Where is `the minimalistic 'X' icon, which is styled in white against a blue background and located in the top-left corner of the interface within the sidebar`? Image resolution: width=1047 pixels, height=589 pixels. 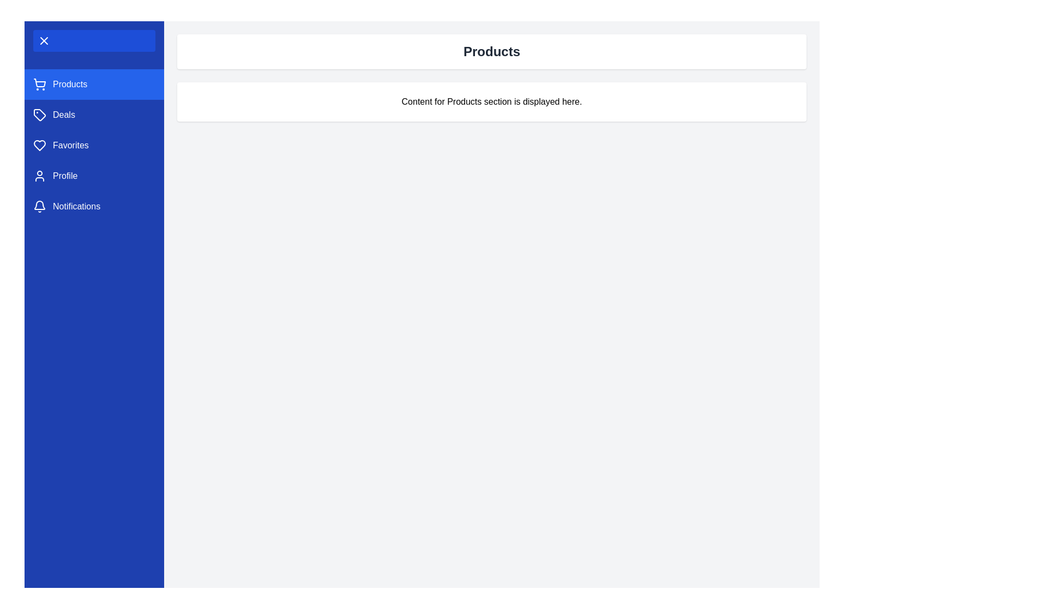 the minimalistic 'X' icon, which is styled in white against a blue background and located in the top-left corner of the interface within the sidebar is located at coordinates (44, 40).